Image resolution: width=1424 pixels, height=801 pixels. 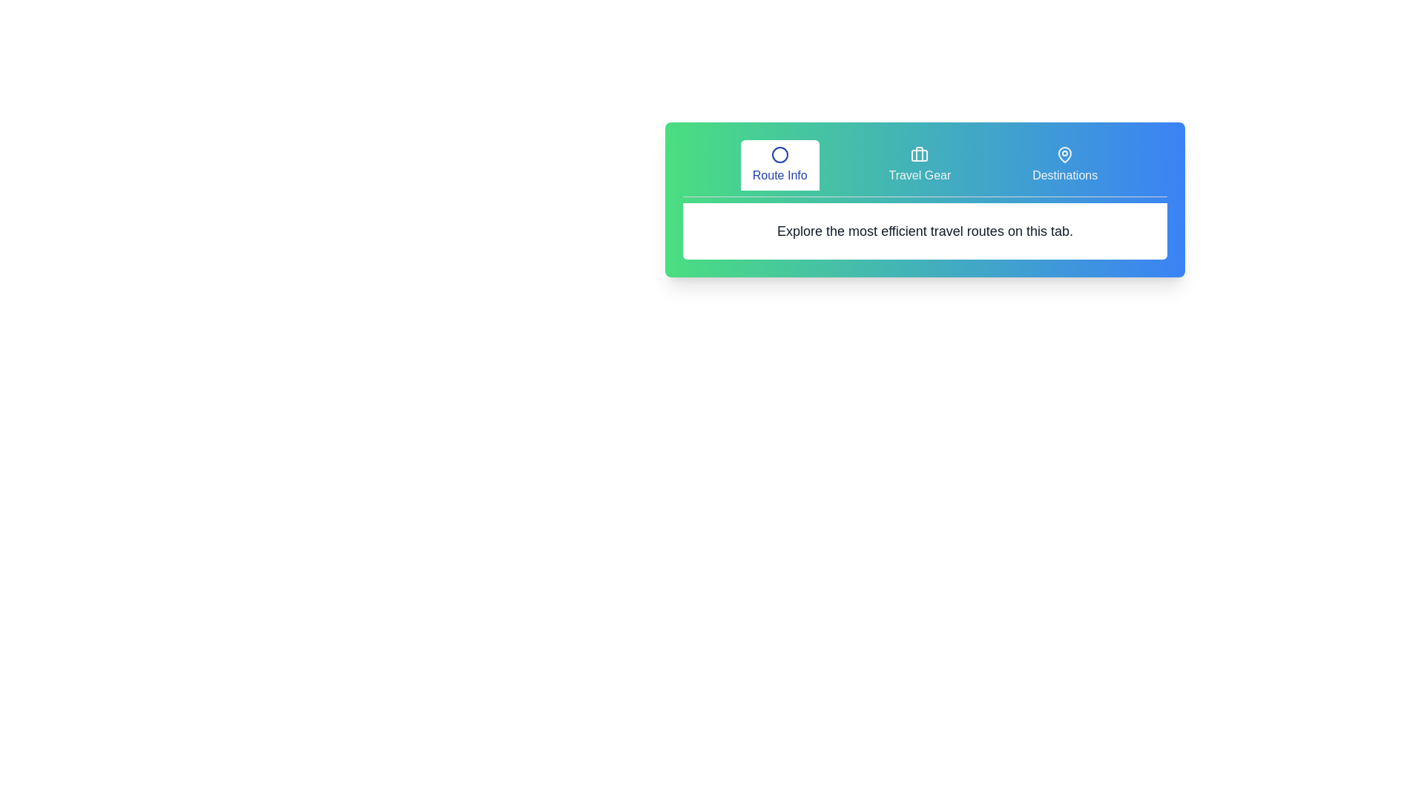 What do you see at coordinates (1064, 165) in the screenshot?
I see `the tab labeled Destinations` at bounding box center [1064, 165].